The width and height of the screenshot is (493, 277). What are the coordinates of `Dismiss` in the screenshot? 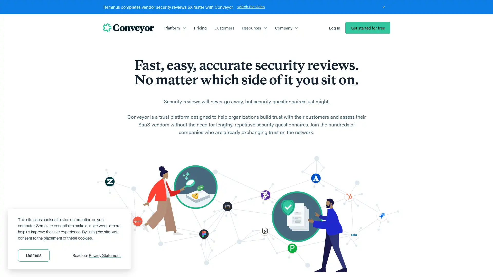 It's located at (33, 255).